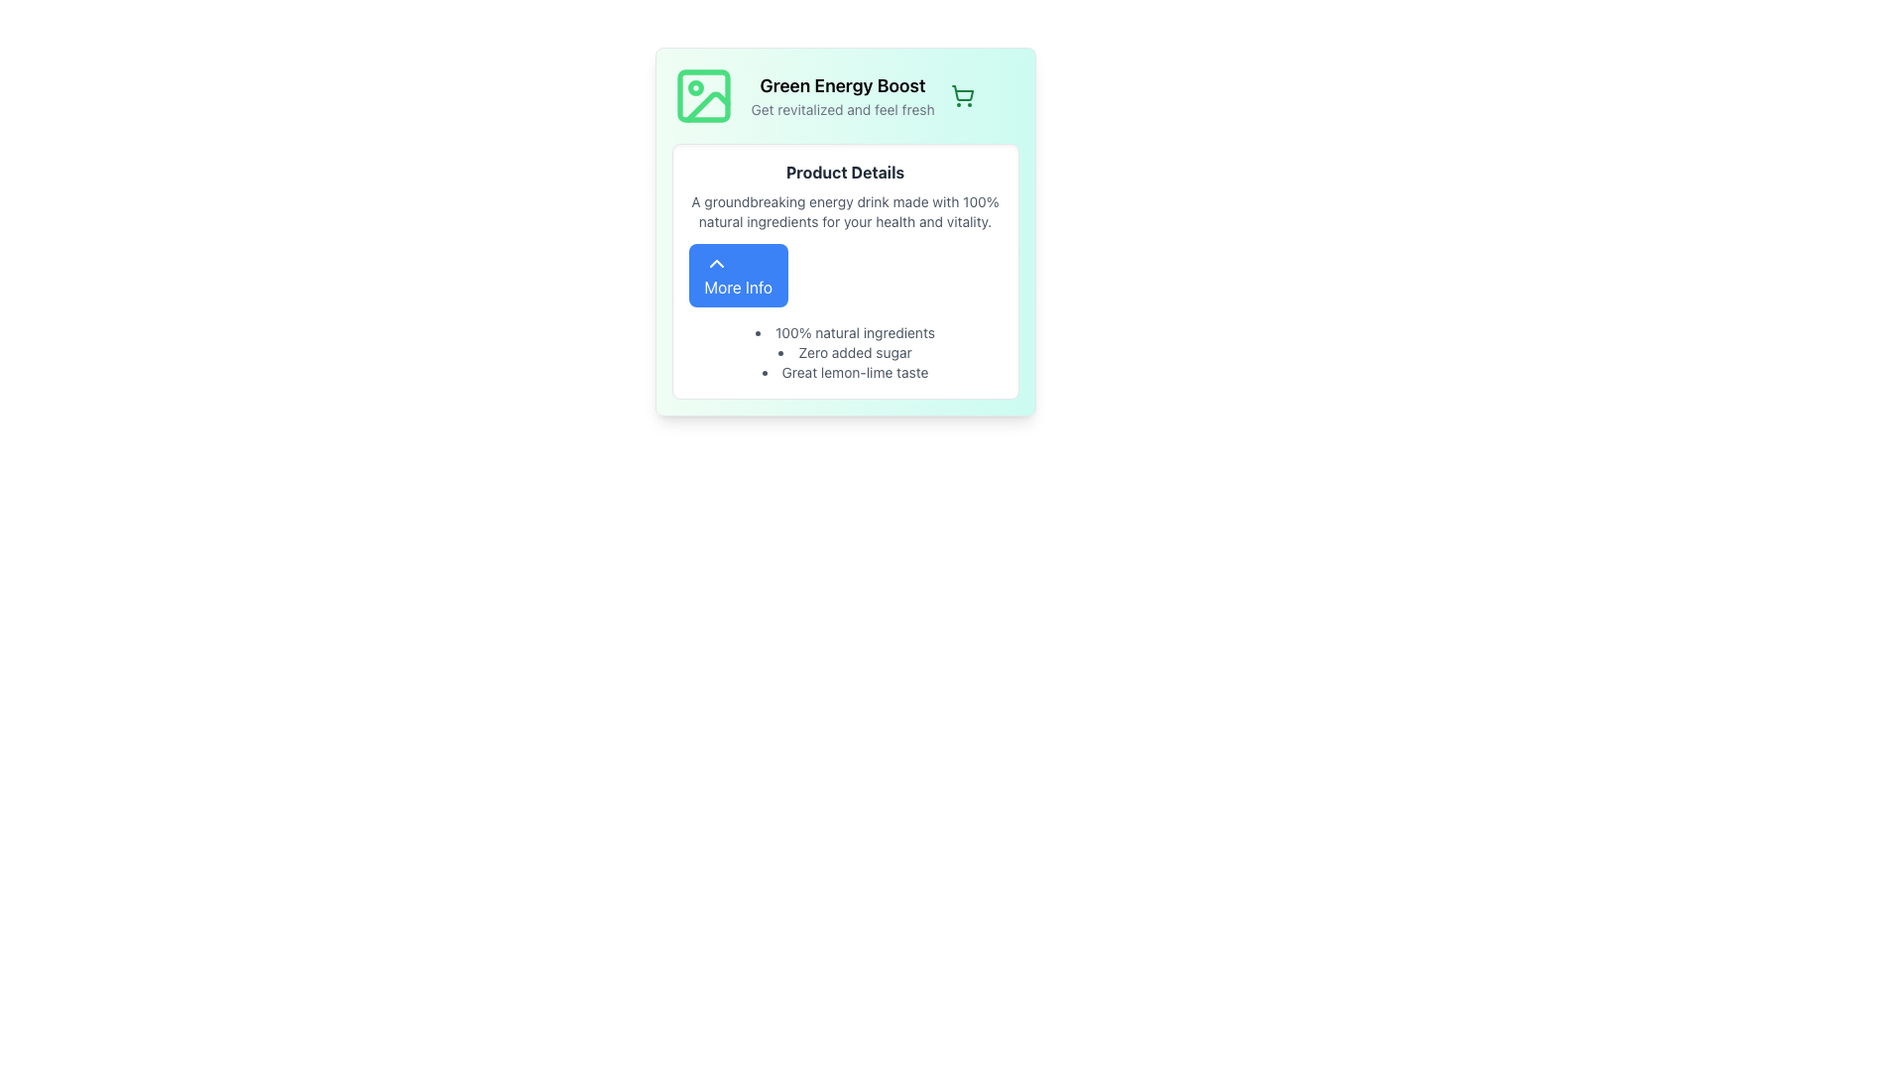 This screenshot has height=1071, width=1904. I want to click on the 'More Info' button, which has a blue background, white text, and a chevron icon above the text, located at the center of the card's lower part, so click(737, 275).